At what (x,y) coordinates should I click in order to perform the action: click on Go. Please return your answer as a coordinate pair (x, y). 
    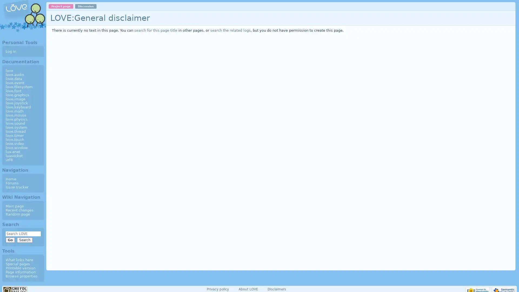
    Looking at the image, I should click on (10, 240).